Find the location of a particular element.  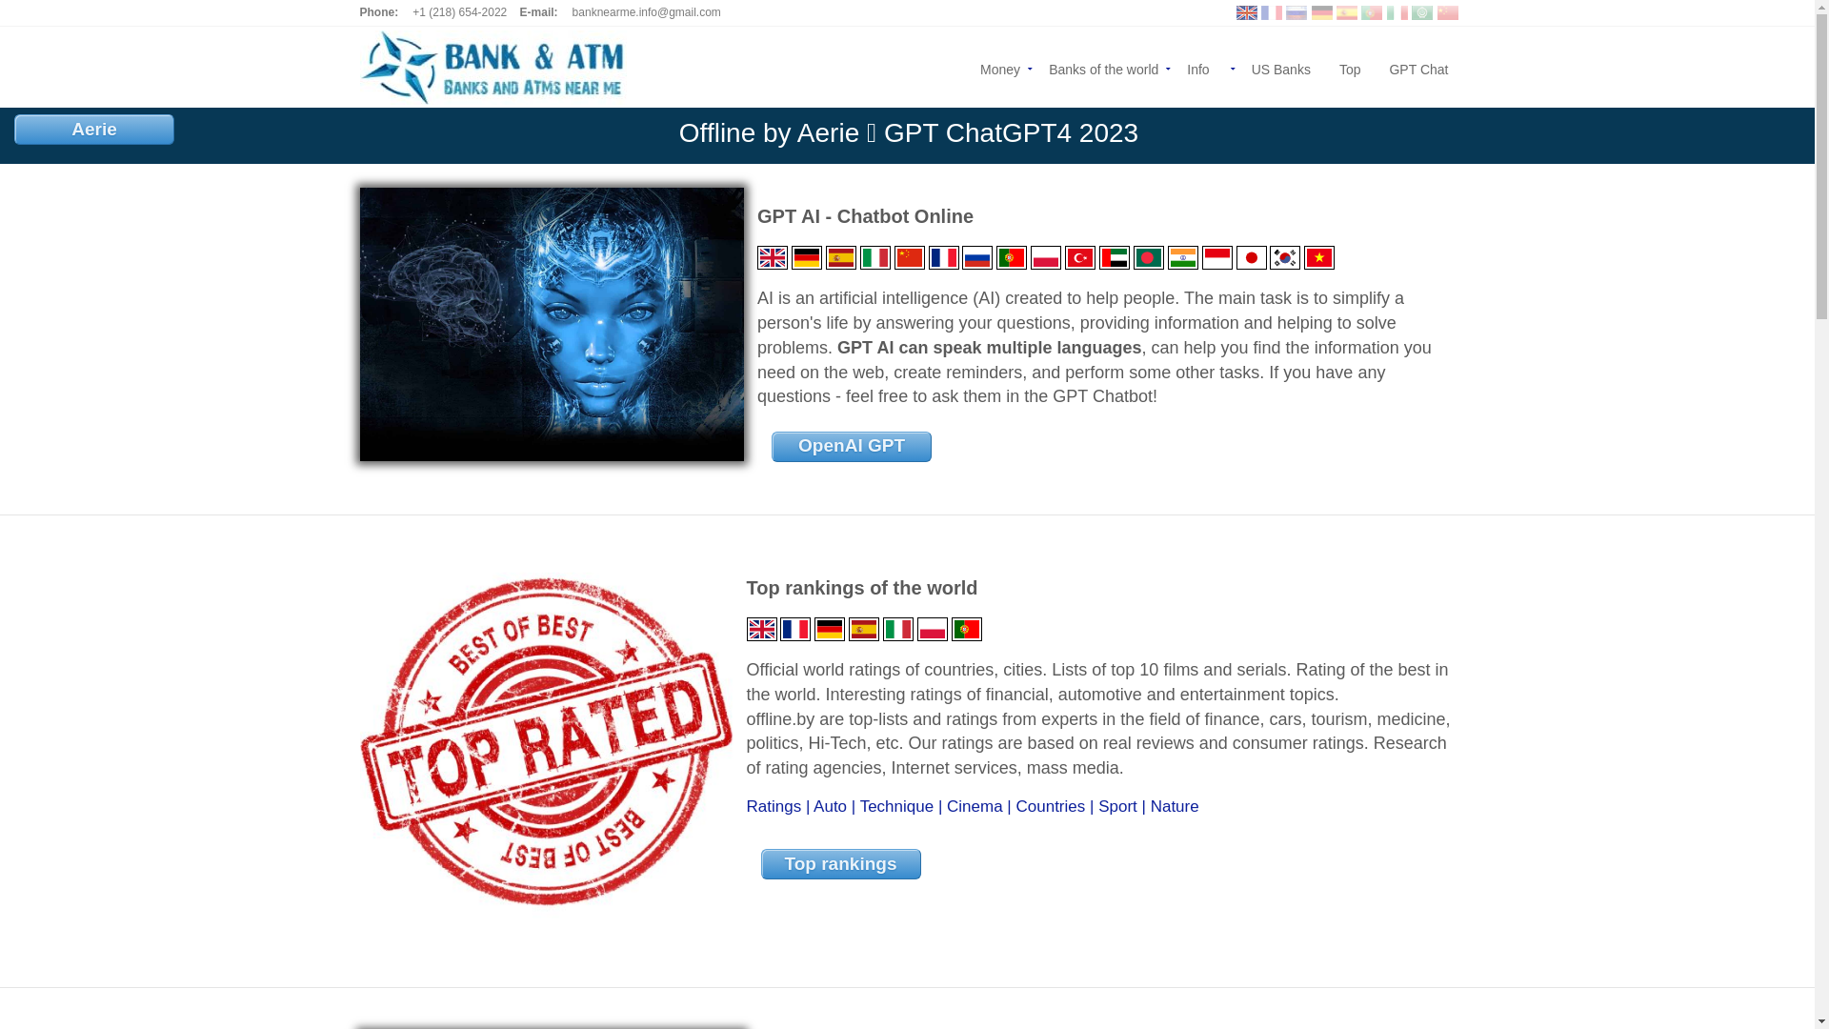

'Top' is located at coordinates (1349, 66).